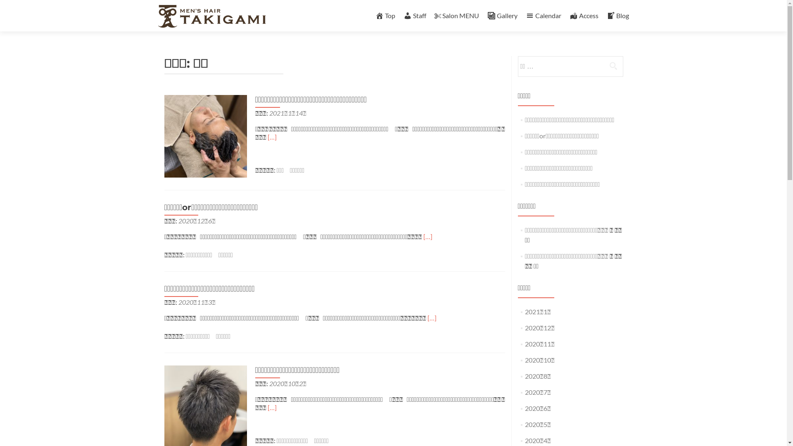 Image resolution: width=793 pixels, height=446 pixels. I want to click on 'Gallery', so click(502, 15).